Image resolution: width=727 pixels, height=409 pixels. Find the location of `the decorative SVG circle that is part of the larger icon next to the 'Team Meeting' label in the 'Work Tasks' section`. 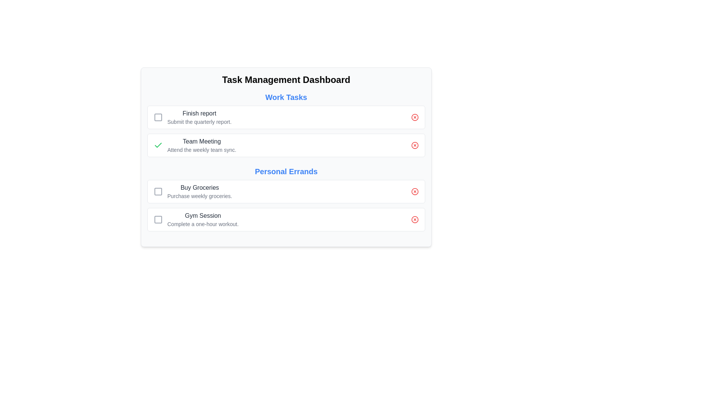

the decorative SVG circle that is part of the larger icon next to the 'Team Meeting' label in the 'Work Tasks' section is located at coordinates (414, 145).